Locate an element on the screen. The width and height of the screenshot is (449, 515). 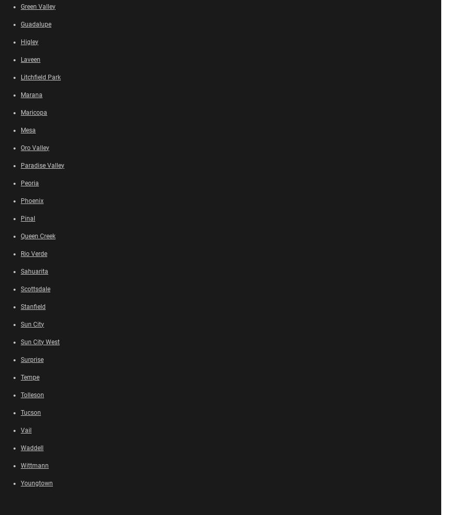
'Surprise' is located at coordinates (32, 359).